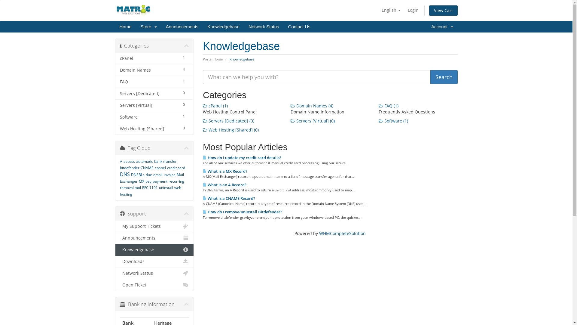 The height and width of the screenshot is (325, 577). What do you see at coordinates (154, 82) in the screenshot?
I see `'1` at bounding box center [154, 82].